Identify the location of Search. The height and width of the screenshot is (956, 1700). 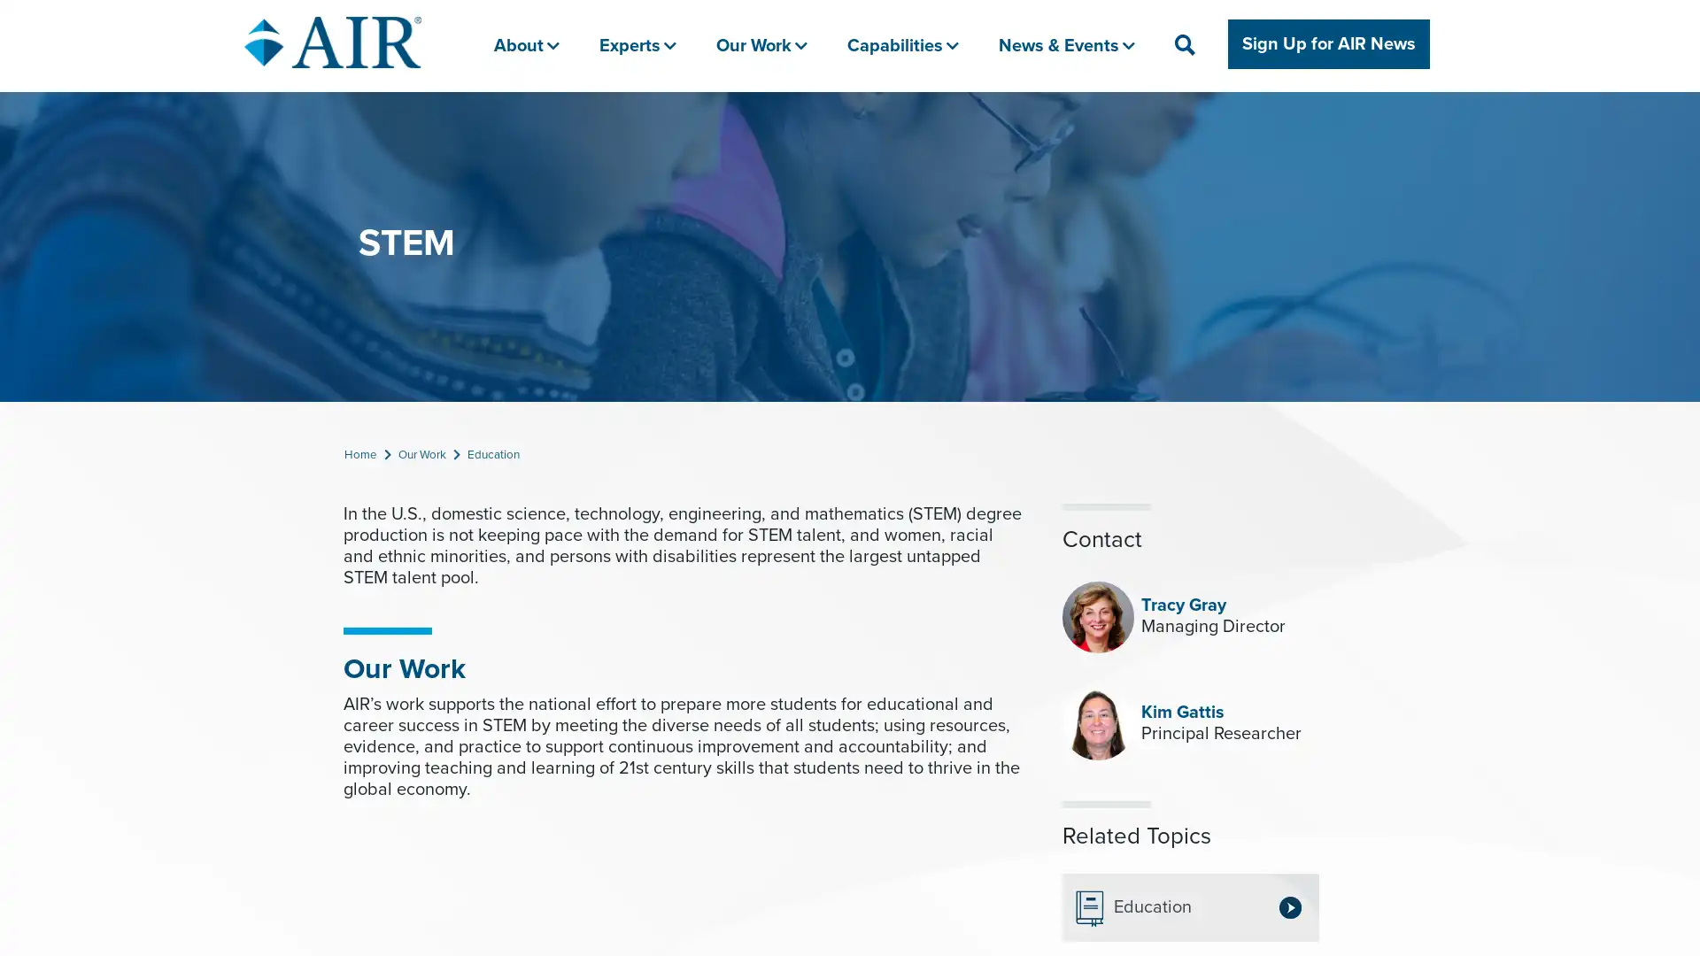
(1254, 121).